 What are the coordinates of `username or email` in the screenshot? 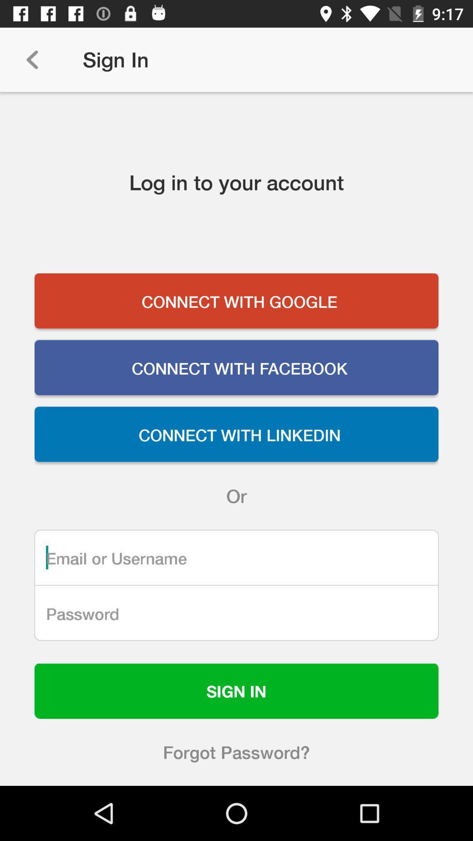 It's located at (236, 557).